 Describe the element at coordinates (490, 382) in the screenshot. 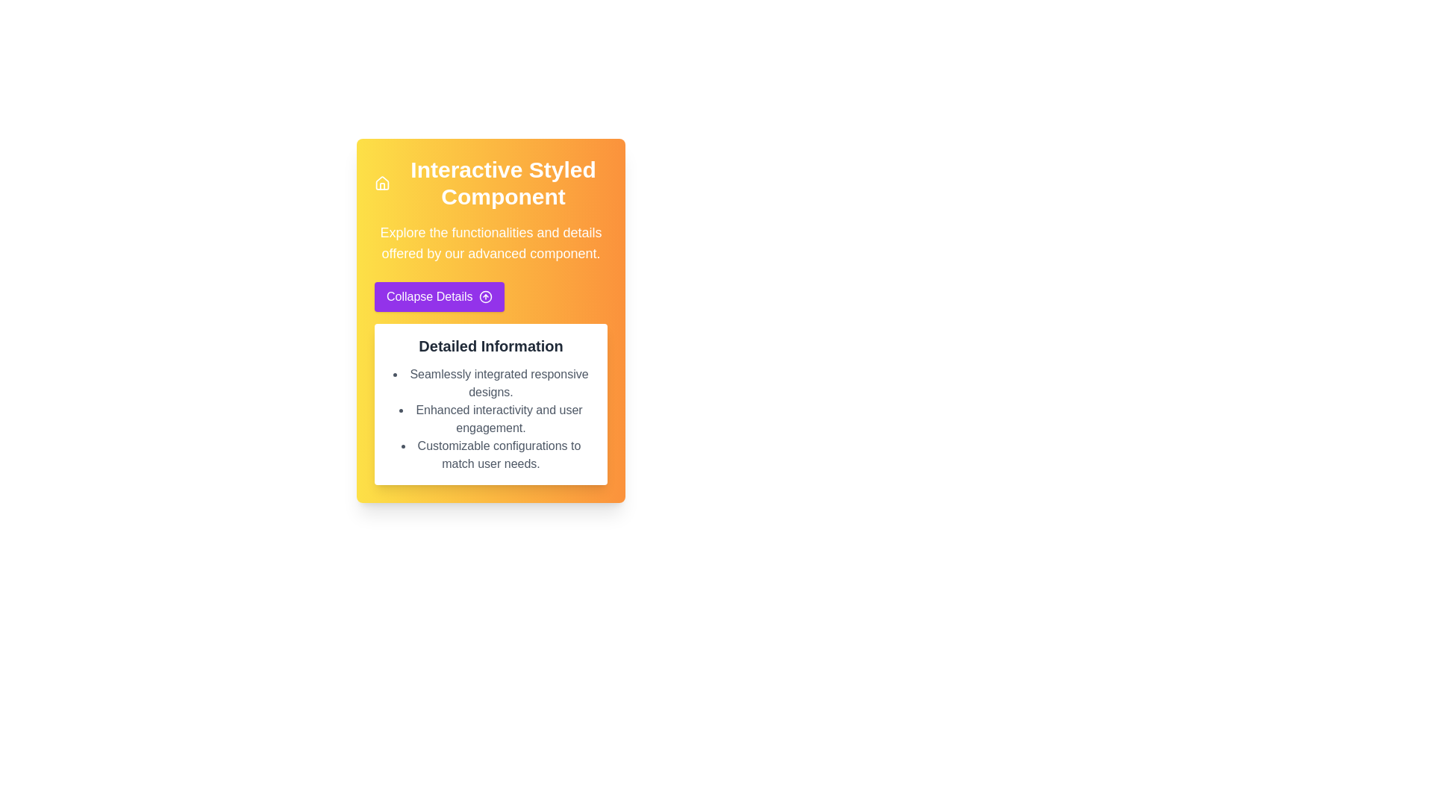

I see `the static text reading 'Seamlessly integrated responsive designs.' which is the first bullet point in the 'Detailed Information' section of the card` at that location.